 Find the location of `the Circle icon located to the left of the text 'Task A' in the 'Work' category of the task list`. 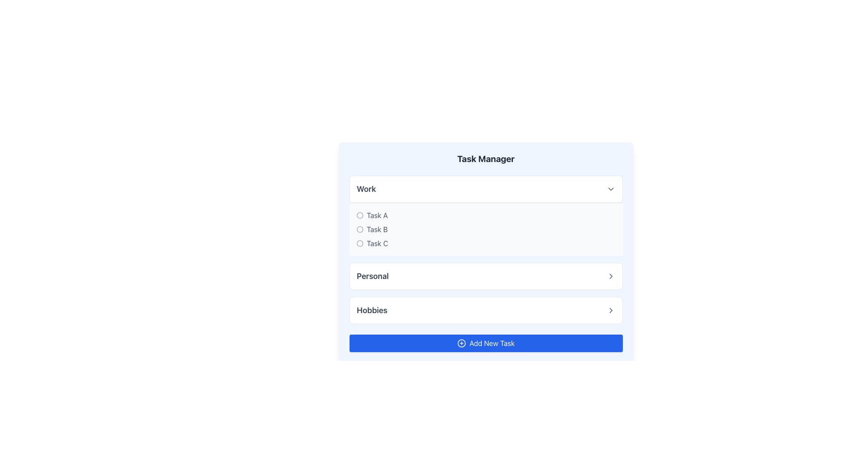

the Circle icon located to the left of the text 'Task A' in the 'Work' category of the task list is located at coordinates (360, 215).